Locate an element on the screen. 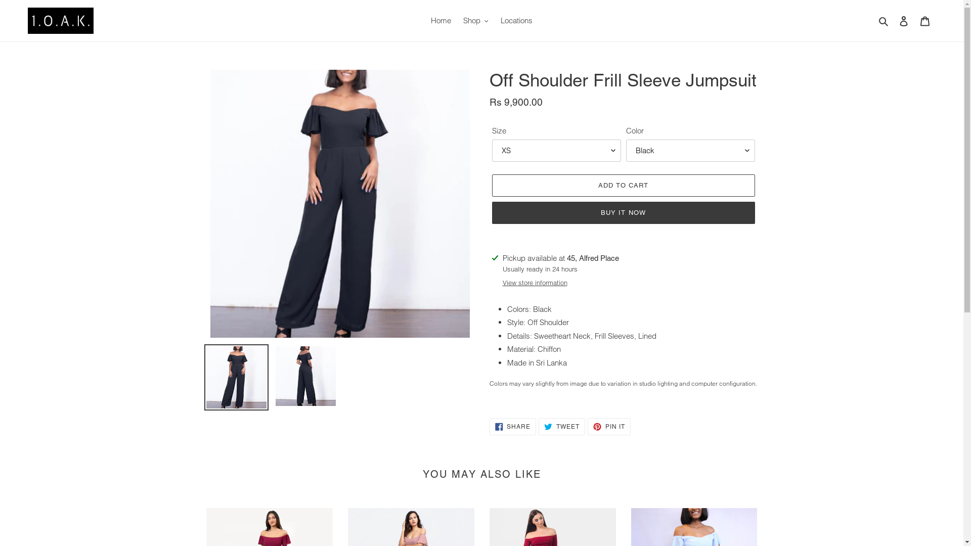 This screenshot has height=546, width=971. 'Home' is located at coordinates (441, 21).